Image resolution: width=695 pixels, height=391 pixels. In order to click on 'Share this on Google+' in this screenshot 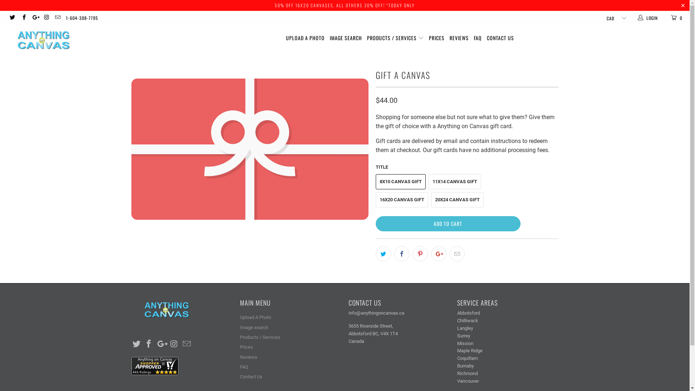, I will do `click(438, 253)`.